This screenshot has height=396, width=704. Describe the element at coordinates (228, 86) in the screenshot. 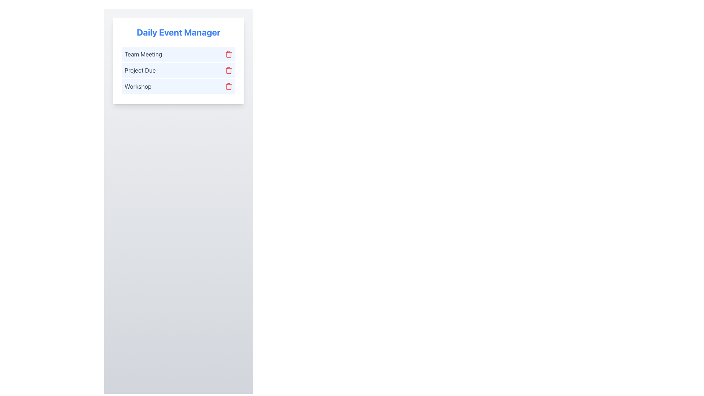

I see `the delete button located on the rightmost side of the 'Workshop' row` at that location.